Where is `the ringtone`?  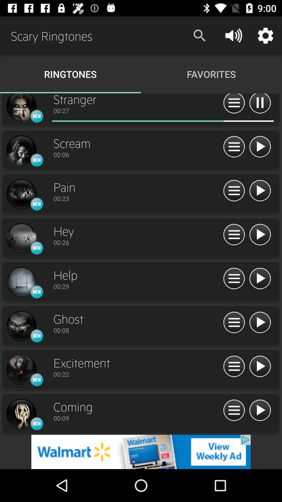
the ringtone is located at coordinates (260, 147).